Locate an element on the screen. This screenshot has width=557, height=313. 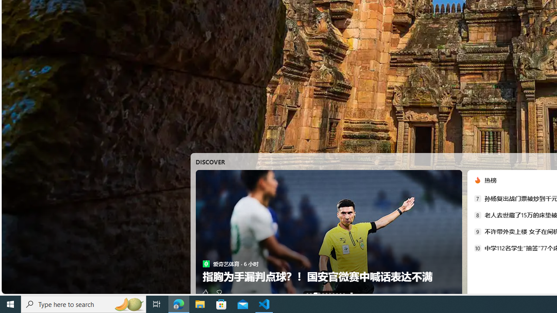
'AutomationID: tab-7' is located at coordinates (336, 293).